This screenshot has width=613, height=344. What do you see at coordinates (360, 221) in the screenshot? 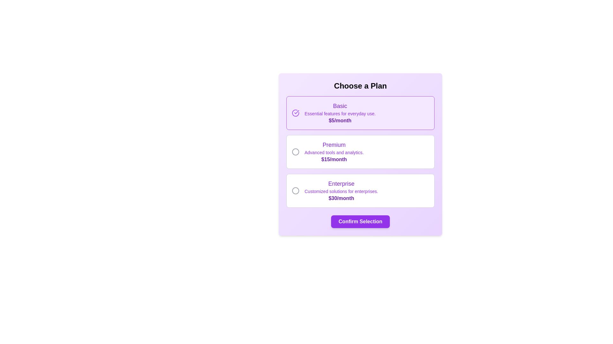
I see `the rectangular button with a purple background labeled 'Confirm Selection', located at the bottom center of the card below the 'Enterprise' plan option for a visual cue` at bounding box center [360, 221].